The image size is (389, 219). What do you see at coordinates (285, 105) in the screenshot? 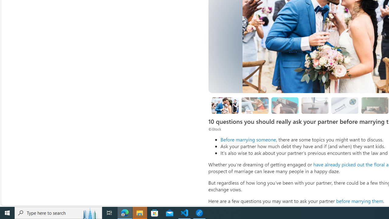
I see `'What kind of debt do you have?'` at bounding box center [285, 105].